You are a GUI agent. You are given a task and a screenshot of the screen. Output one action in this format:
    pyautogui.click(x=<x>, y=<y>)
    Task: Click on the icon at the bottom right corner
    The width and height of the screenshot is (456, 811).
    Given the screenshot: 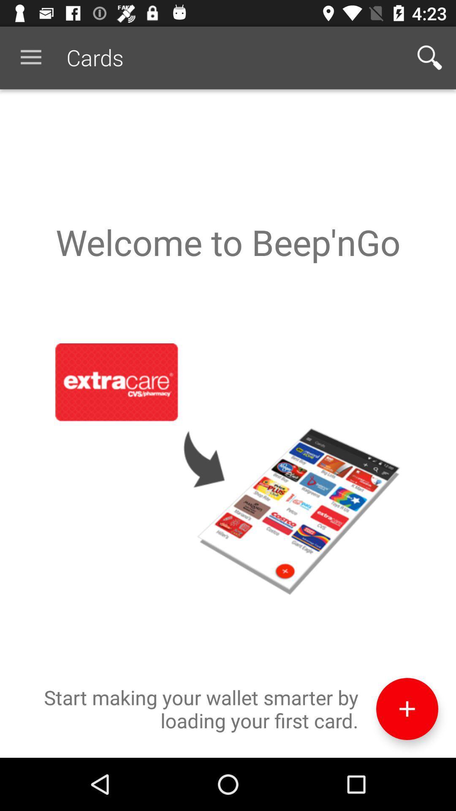 What is the action you would take?
    pyautogui.click(x=407, y=709)
    